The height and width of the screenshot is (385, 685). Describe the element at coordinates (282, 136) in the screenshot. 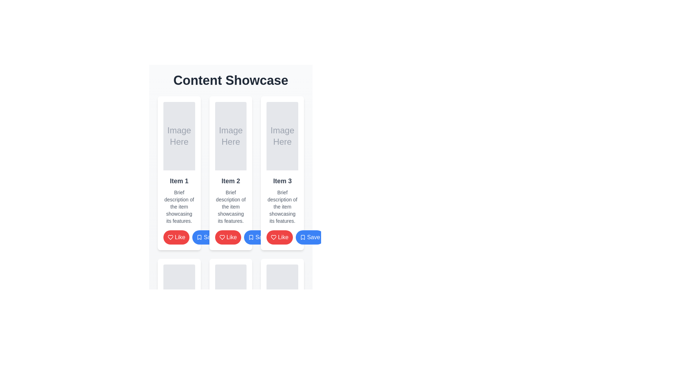

I see `the Image Placeholder element with the text 'Image Here' located at the top of the card labeled 'Item 3'` at that location.